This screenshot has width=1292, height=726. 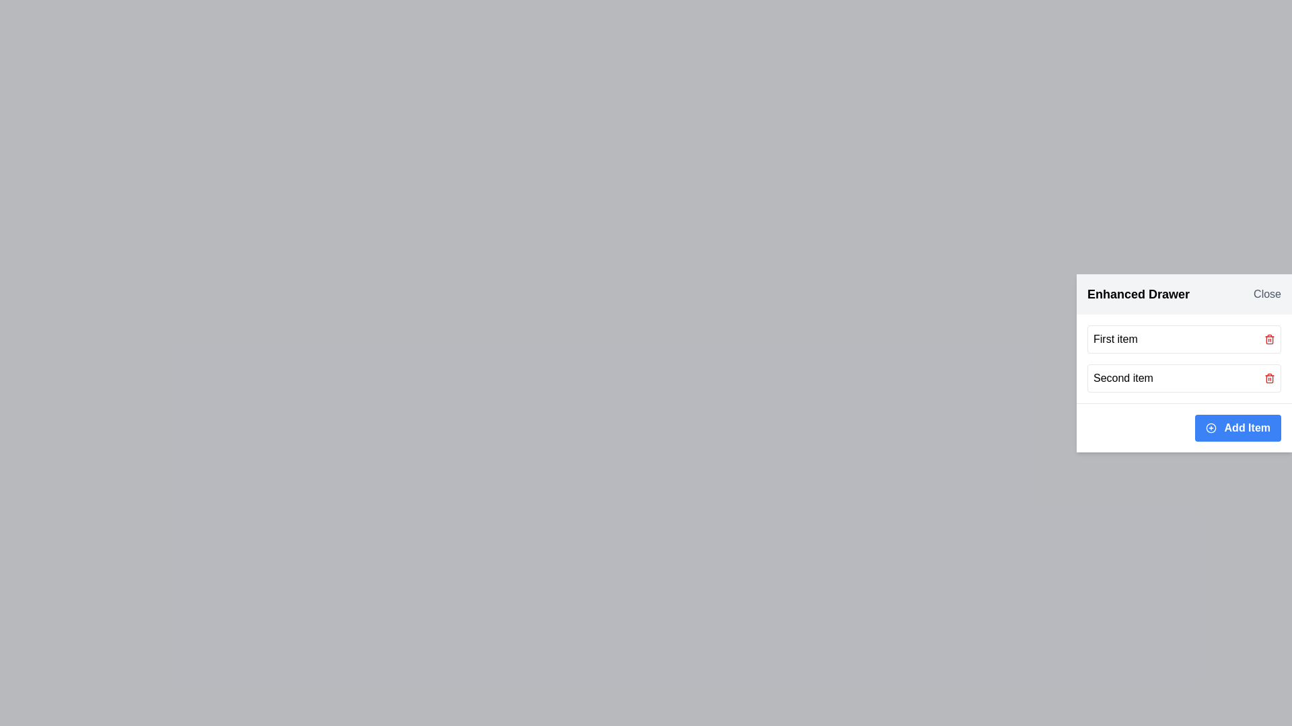 What do you see at coordinates (1268, 339) in the screenshot?
I see `the trash icon button associated with the 'Second item'` at bounding box center [1268, 339].